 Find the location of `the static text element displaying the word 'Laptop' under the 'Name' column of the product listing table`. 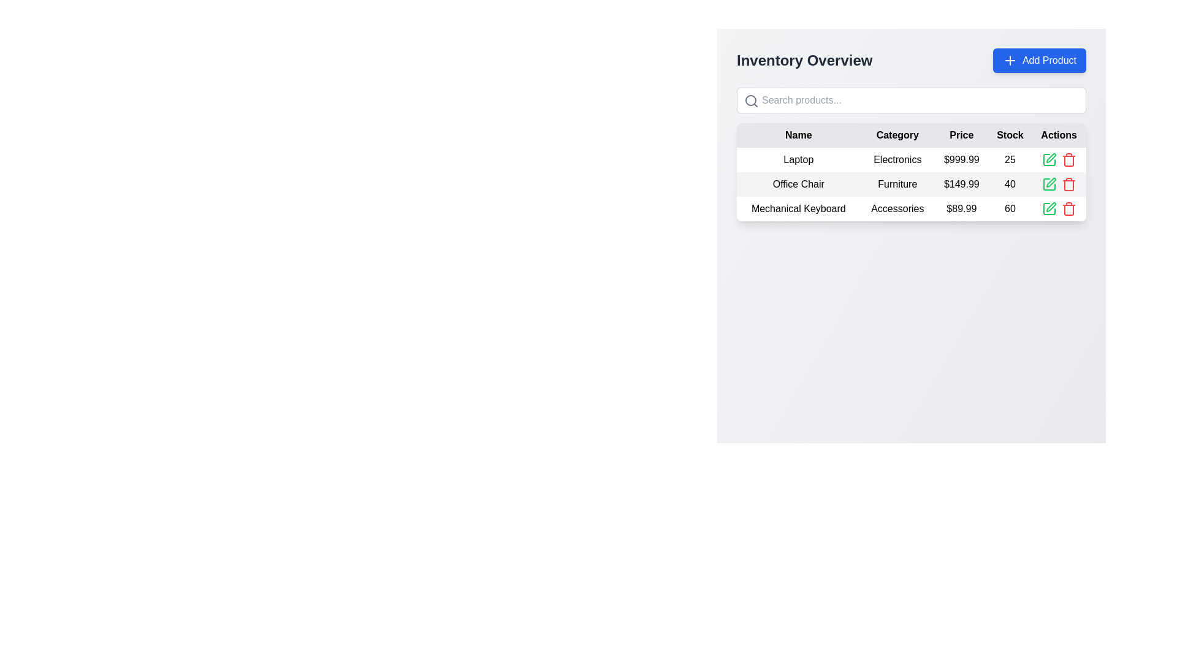

the static text element displaying the word 'Laptop' under the 'Name' column of the product listing table is located at coordinates (798, 159).